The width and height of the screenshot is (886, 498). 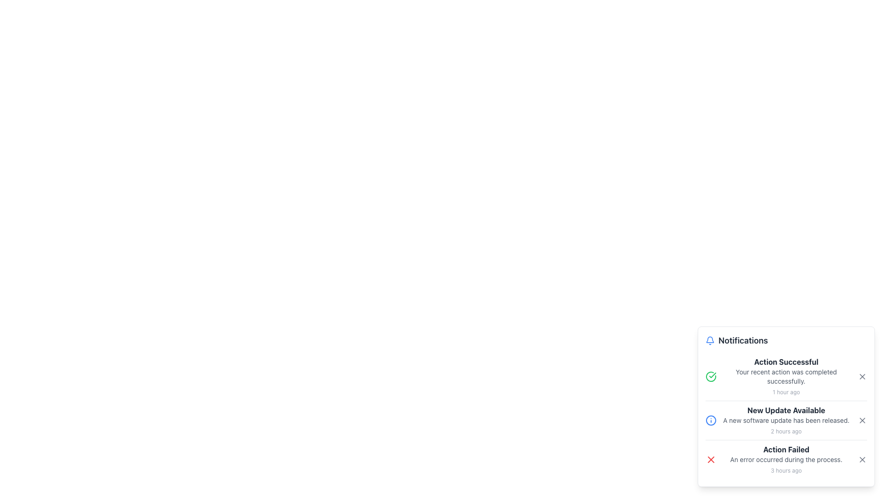 What do you see at coordinates (786, 420) in the screenshot?
I see `the text label reading "A new software update has been released," which is positioned between the heading "New Update Available" and the timestamp "2 hours ago."` at bounding box center [786, 420].